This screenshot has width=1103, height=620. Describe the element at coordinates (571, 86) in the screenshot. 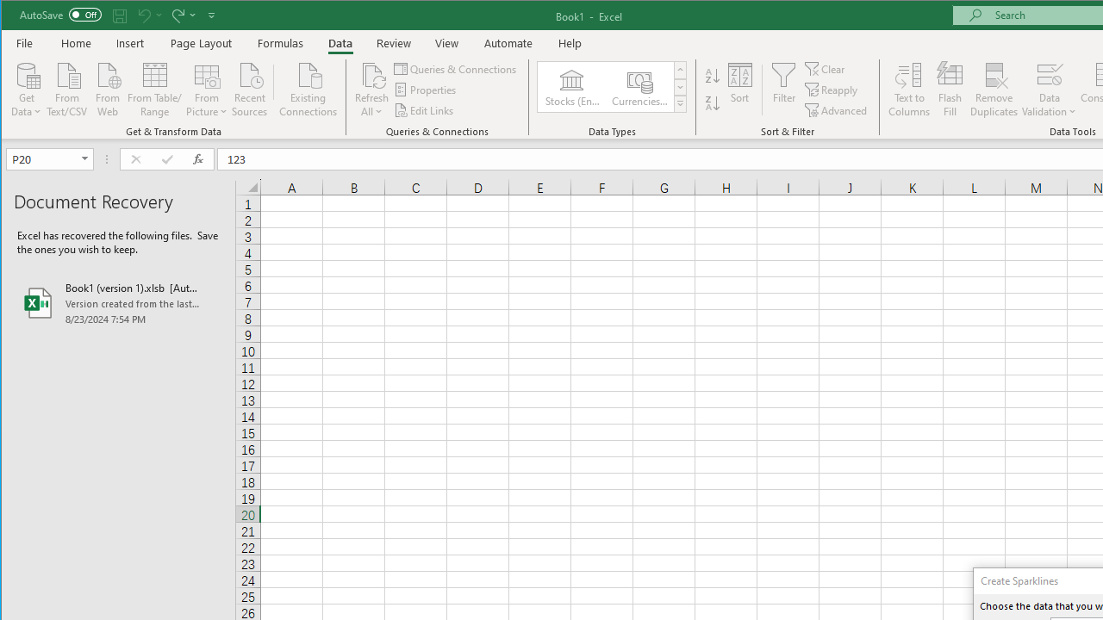

I see `'Stocks (English)'` at that location.